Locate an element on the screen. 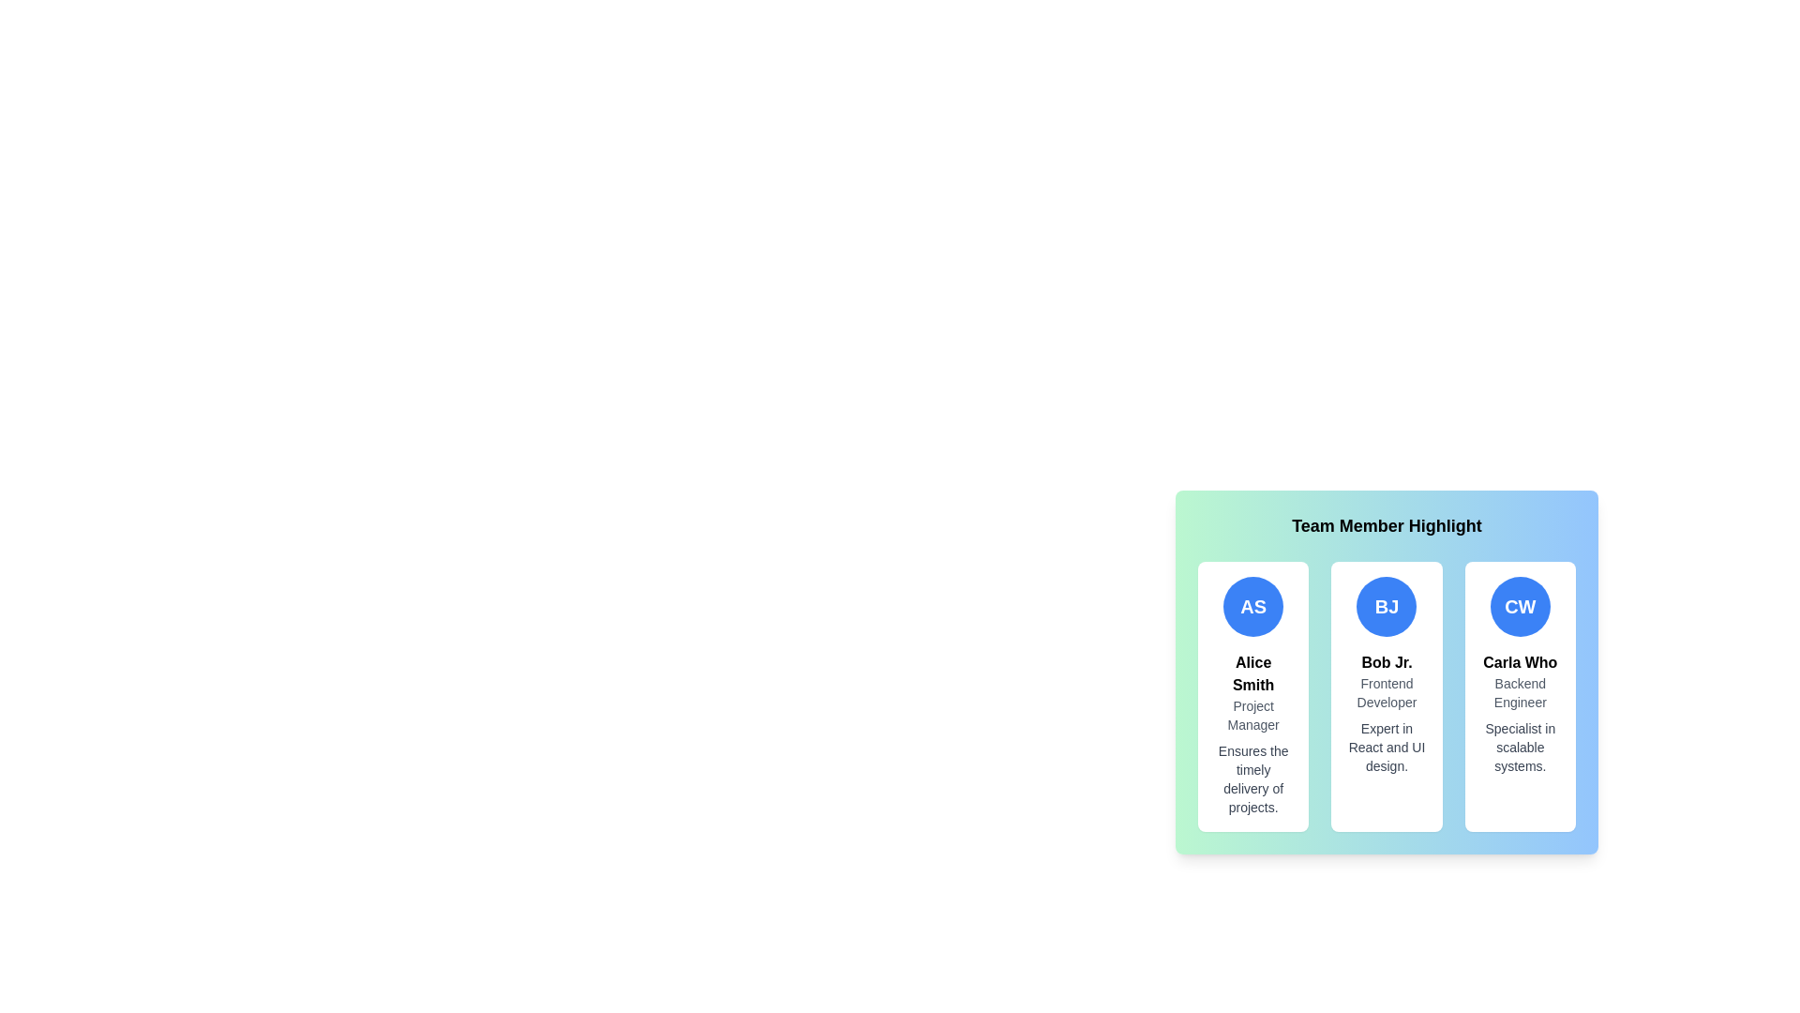 This screenshot has width=1800, height=1013. the third card in the grid layout, which has a rounded white background and displays 'Carla Who' along with its initials 'CW' is located at coordinates (1520, 697).